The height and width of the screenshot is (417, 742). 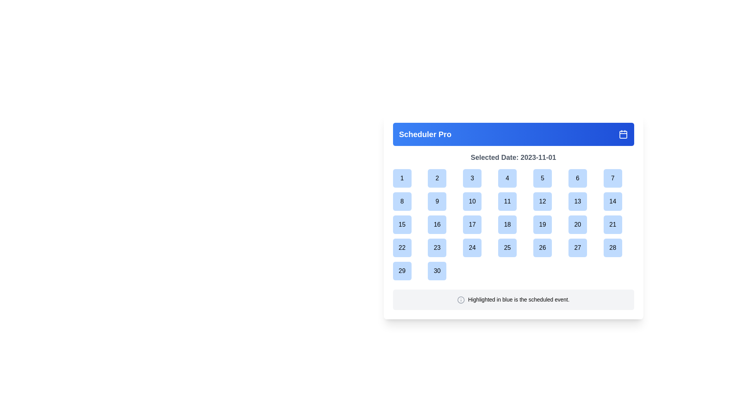 I want to click on the rounded square button with a blue background labeled '6', located in the first row of a calendar grid between buttons '5' and '7', so click(x=584, y=178).